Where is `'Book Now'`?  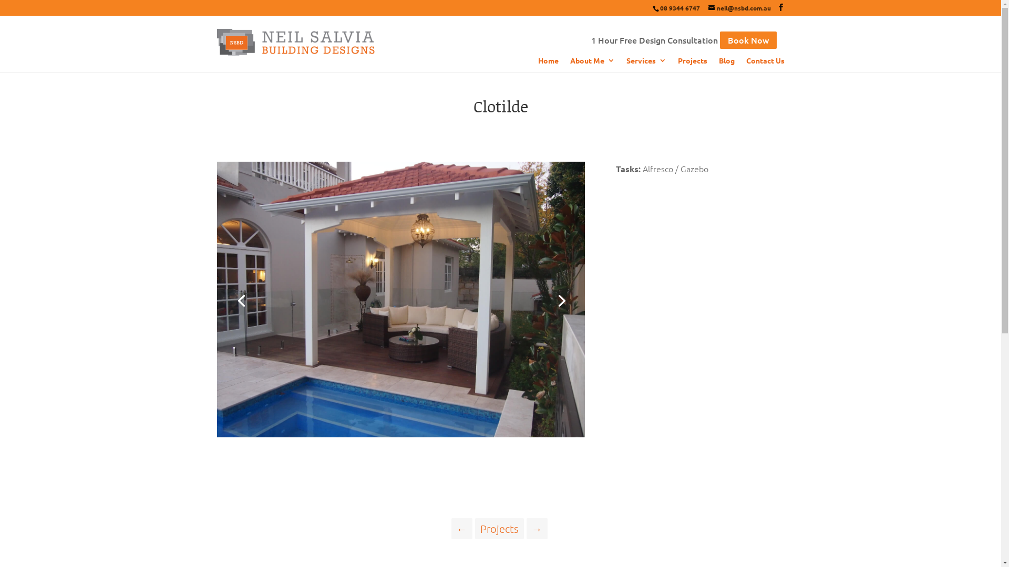
'Book Now' is located at coordinates (719, 39).